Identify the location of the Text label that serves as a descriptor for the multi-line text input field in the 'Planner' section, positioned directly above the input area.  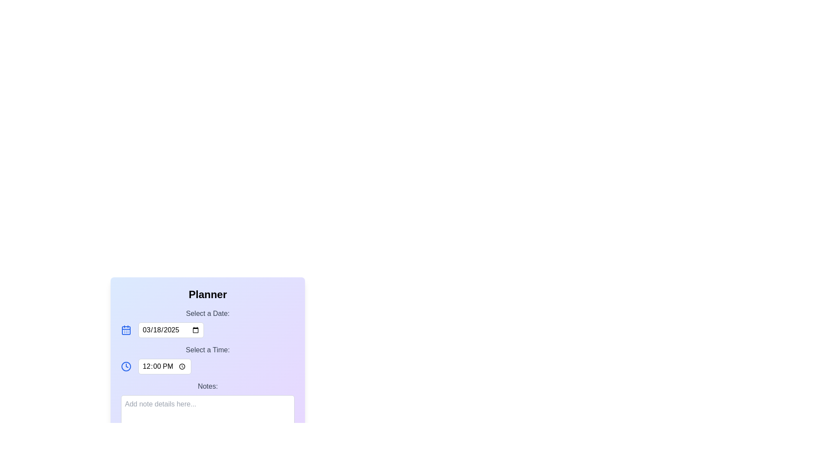
(207, 386).